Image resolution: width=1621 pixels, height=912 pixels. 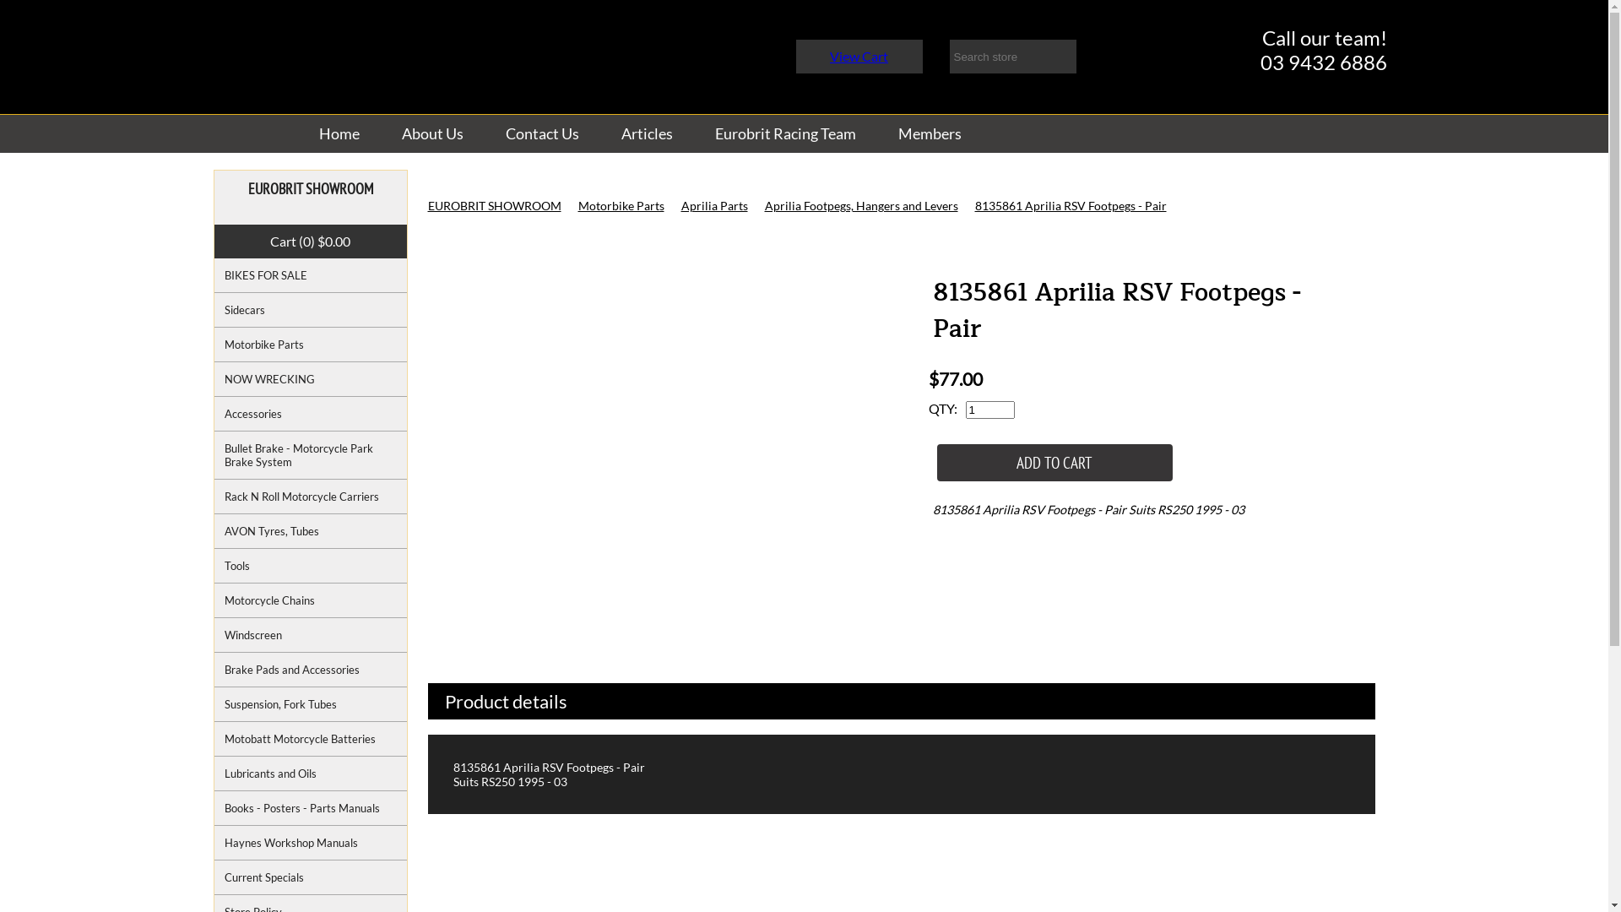 What do you see at coordinates (784, 133) in the screenshot?
I see `'Eurobrit Racing Team'` at bounding box center [784, 133].